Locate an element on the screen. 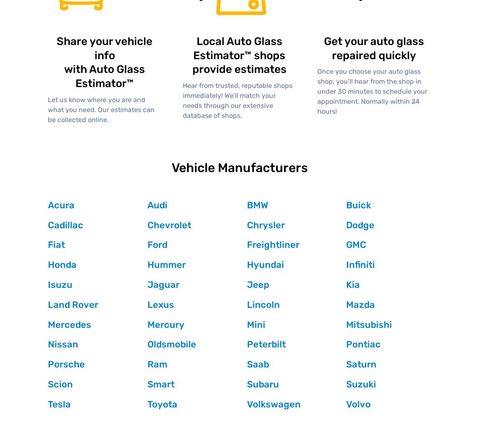  'Vehicle Manufacturers' is located at coordinates (239, 167).